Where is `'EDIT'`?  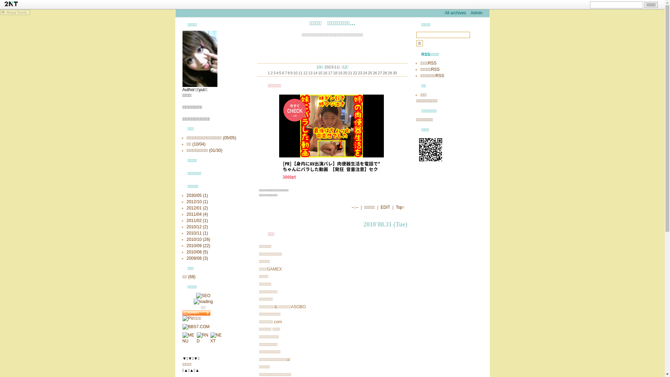 'EDIT' is located at coordinates (385, 207).